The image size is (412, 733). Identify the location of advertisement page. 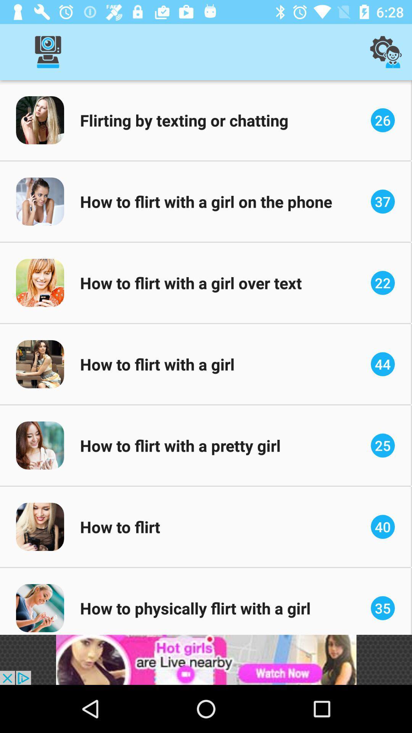
(206, 659).